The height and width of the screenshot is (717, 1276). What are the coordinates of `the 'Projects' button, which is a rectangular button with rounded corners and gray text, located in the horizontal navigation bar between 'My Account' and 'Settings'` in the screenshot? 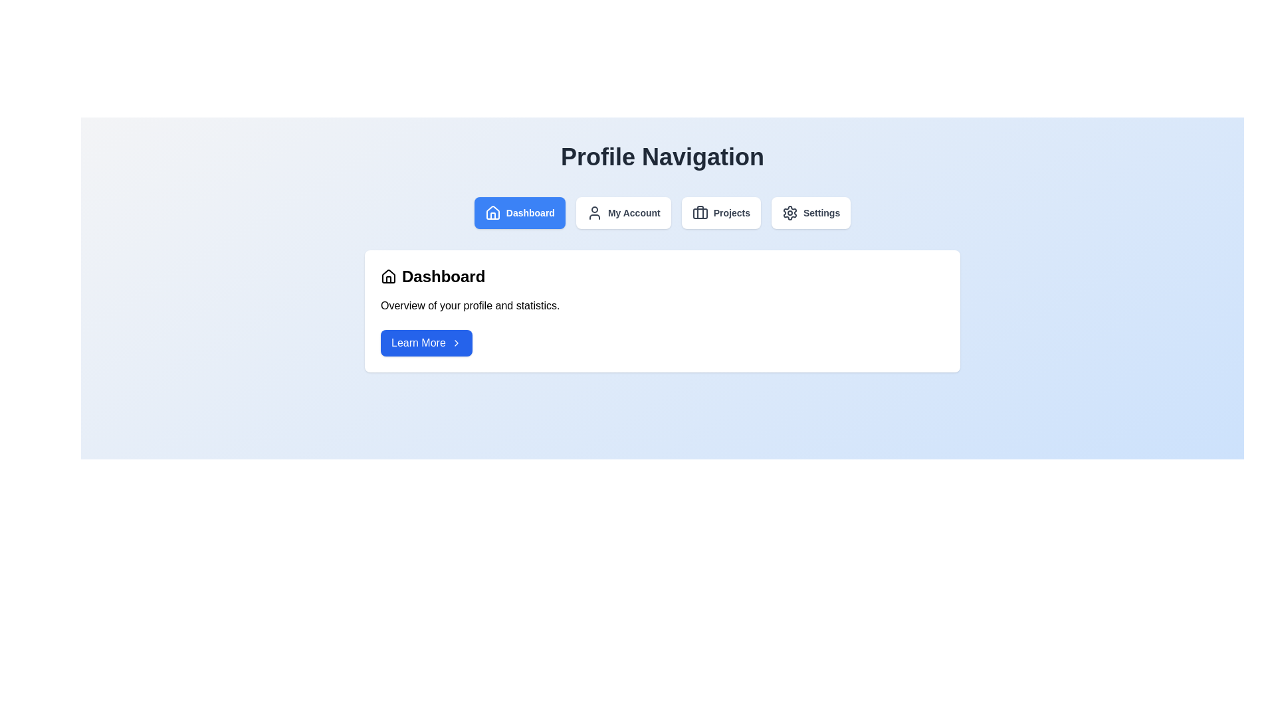 It's located at (720, 212).